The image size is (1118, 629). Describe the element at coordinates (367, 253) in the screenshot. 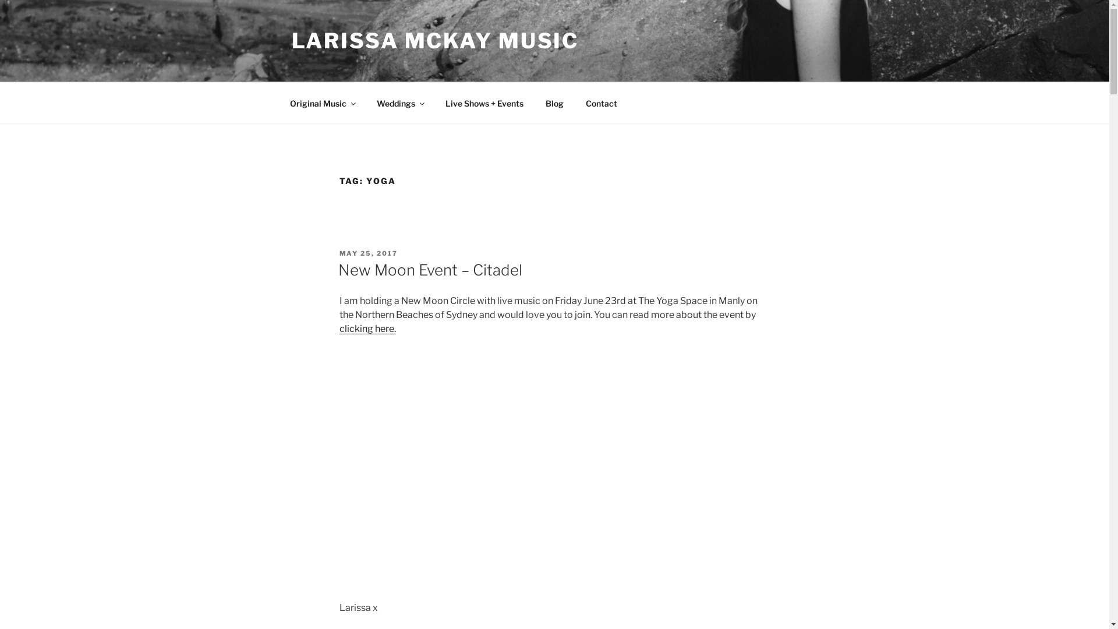

I see `'MAY 25, 2017'` at that location.